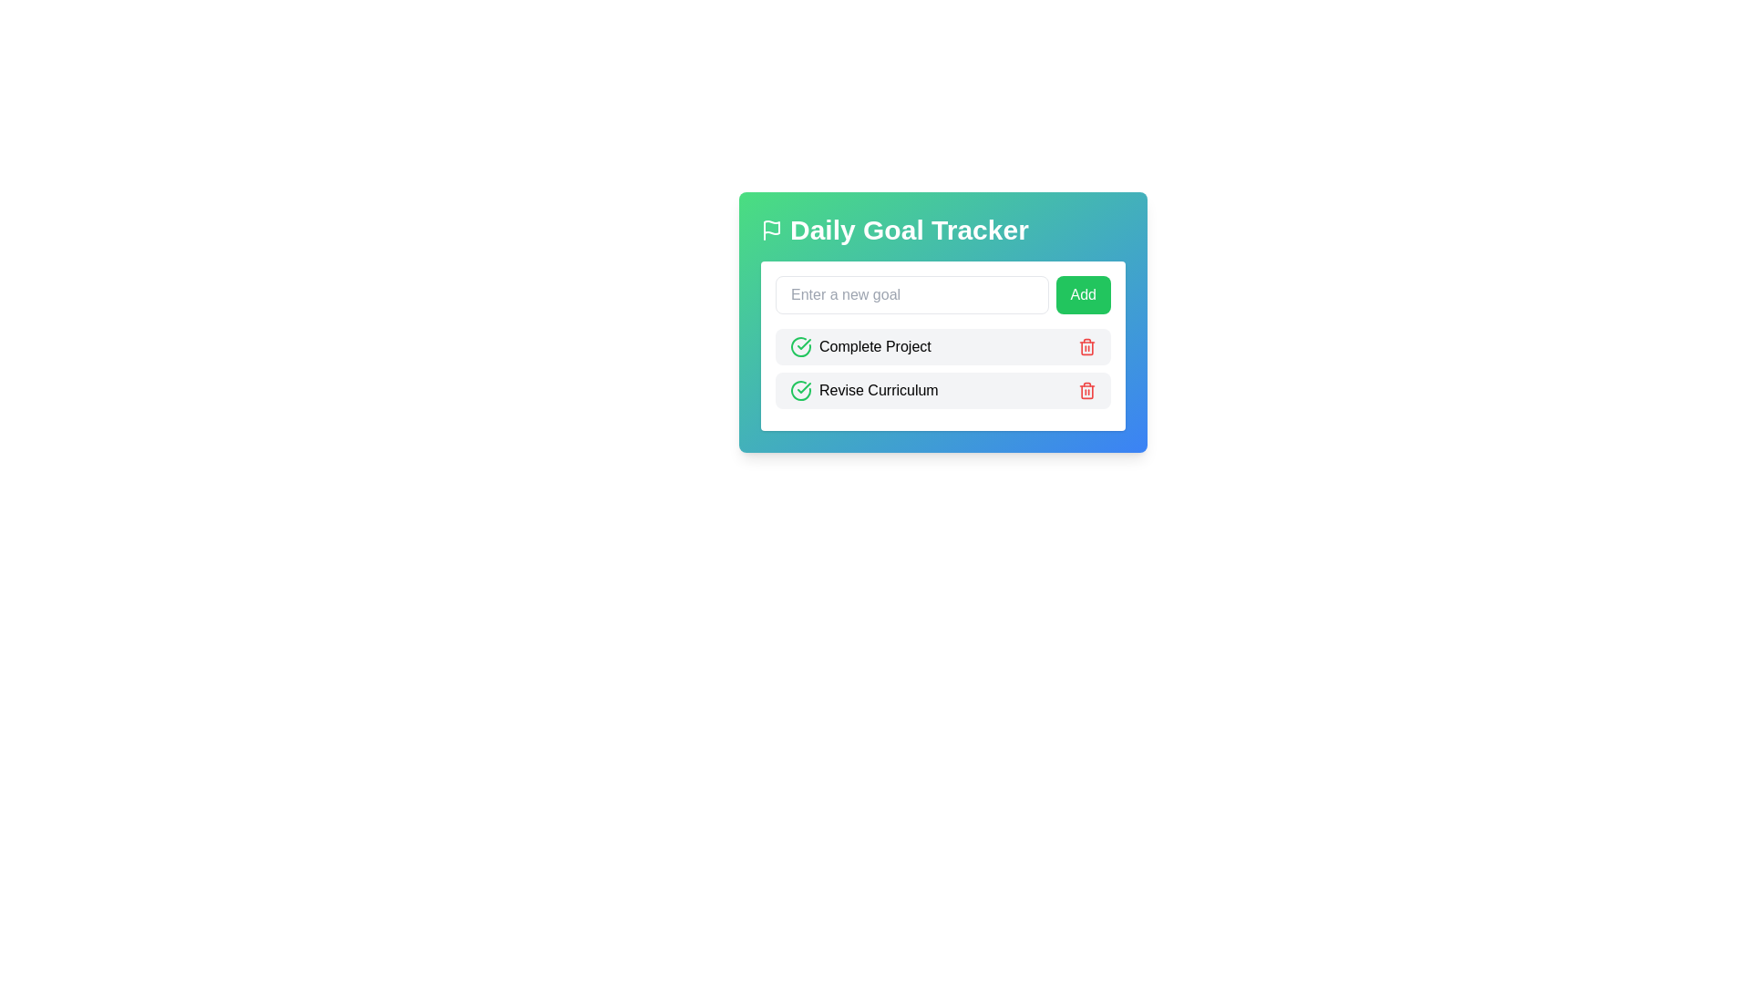  Describe the element at coordinates (860, 347) in the screenshot. I see `the green check icon of the 'Complete Project' task item in the Daily Goal Tracker to modify its completion status` at that location.